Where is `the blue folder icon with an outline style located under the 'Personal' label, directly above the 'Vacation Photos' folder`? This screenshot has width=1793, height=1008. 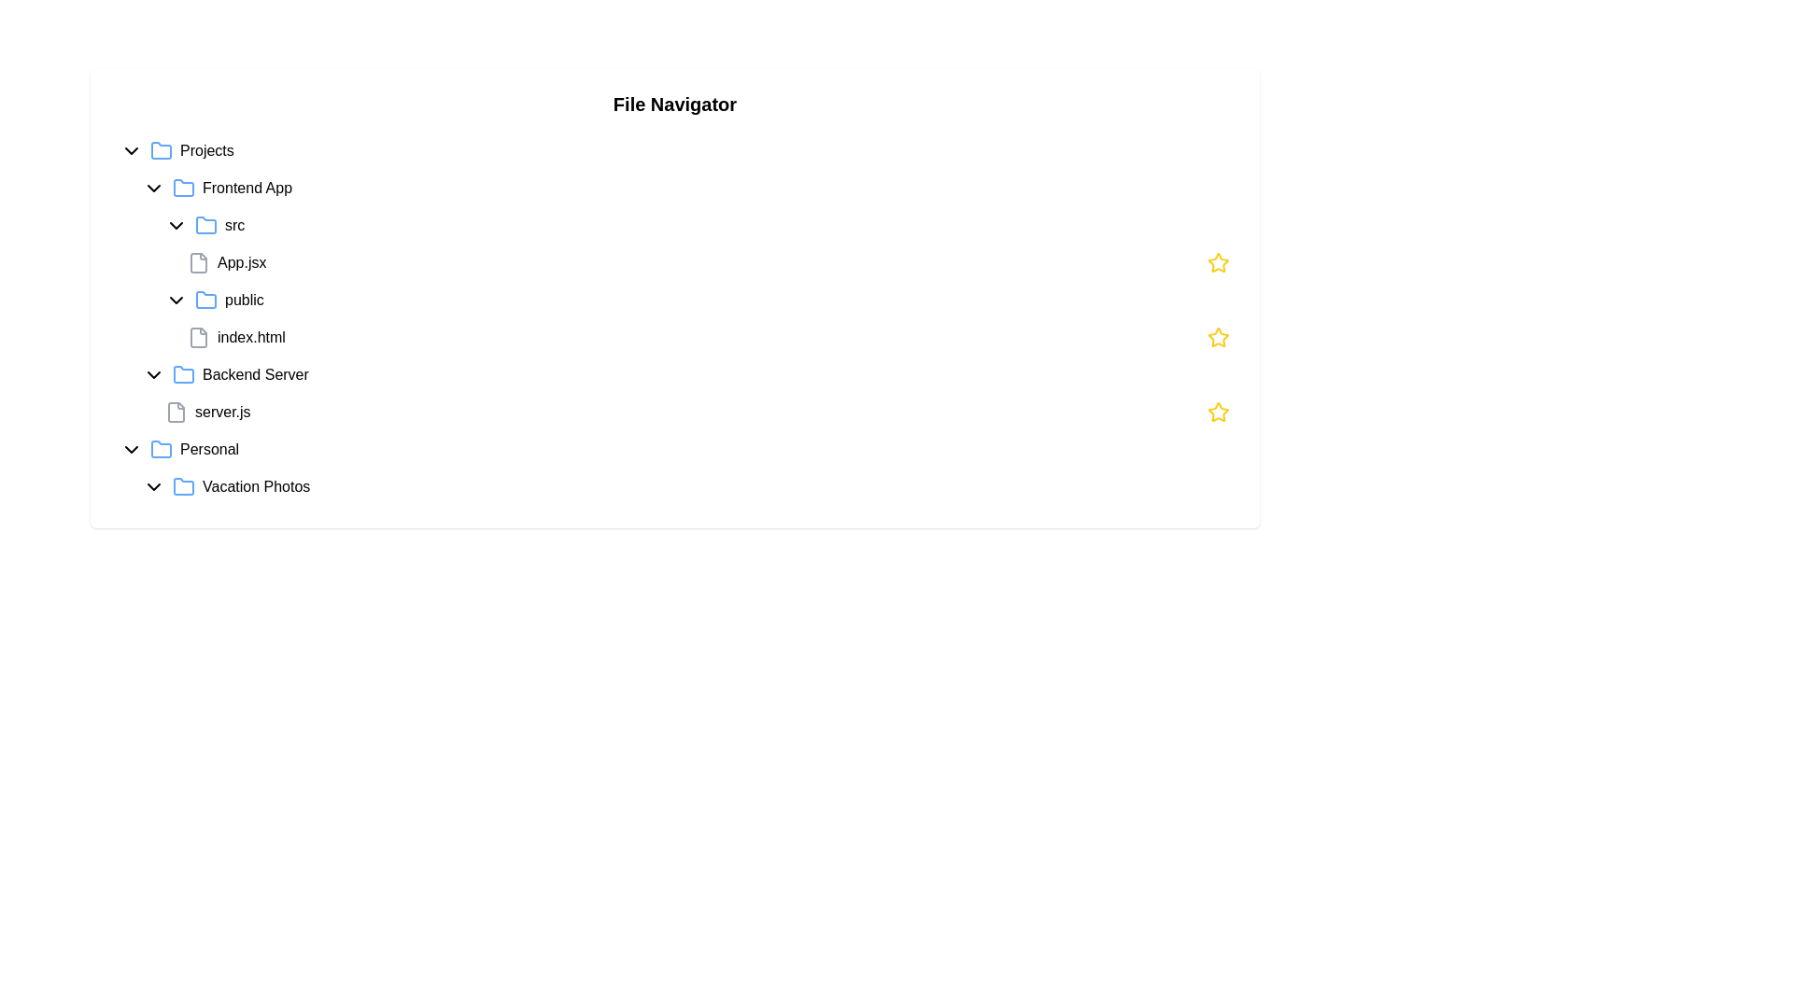
the blue folder icon with an outline style located under the 'Personal' label, directly above the 'Vacation Photos' folder is located at coordinates (161, 449).